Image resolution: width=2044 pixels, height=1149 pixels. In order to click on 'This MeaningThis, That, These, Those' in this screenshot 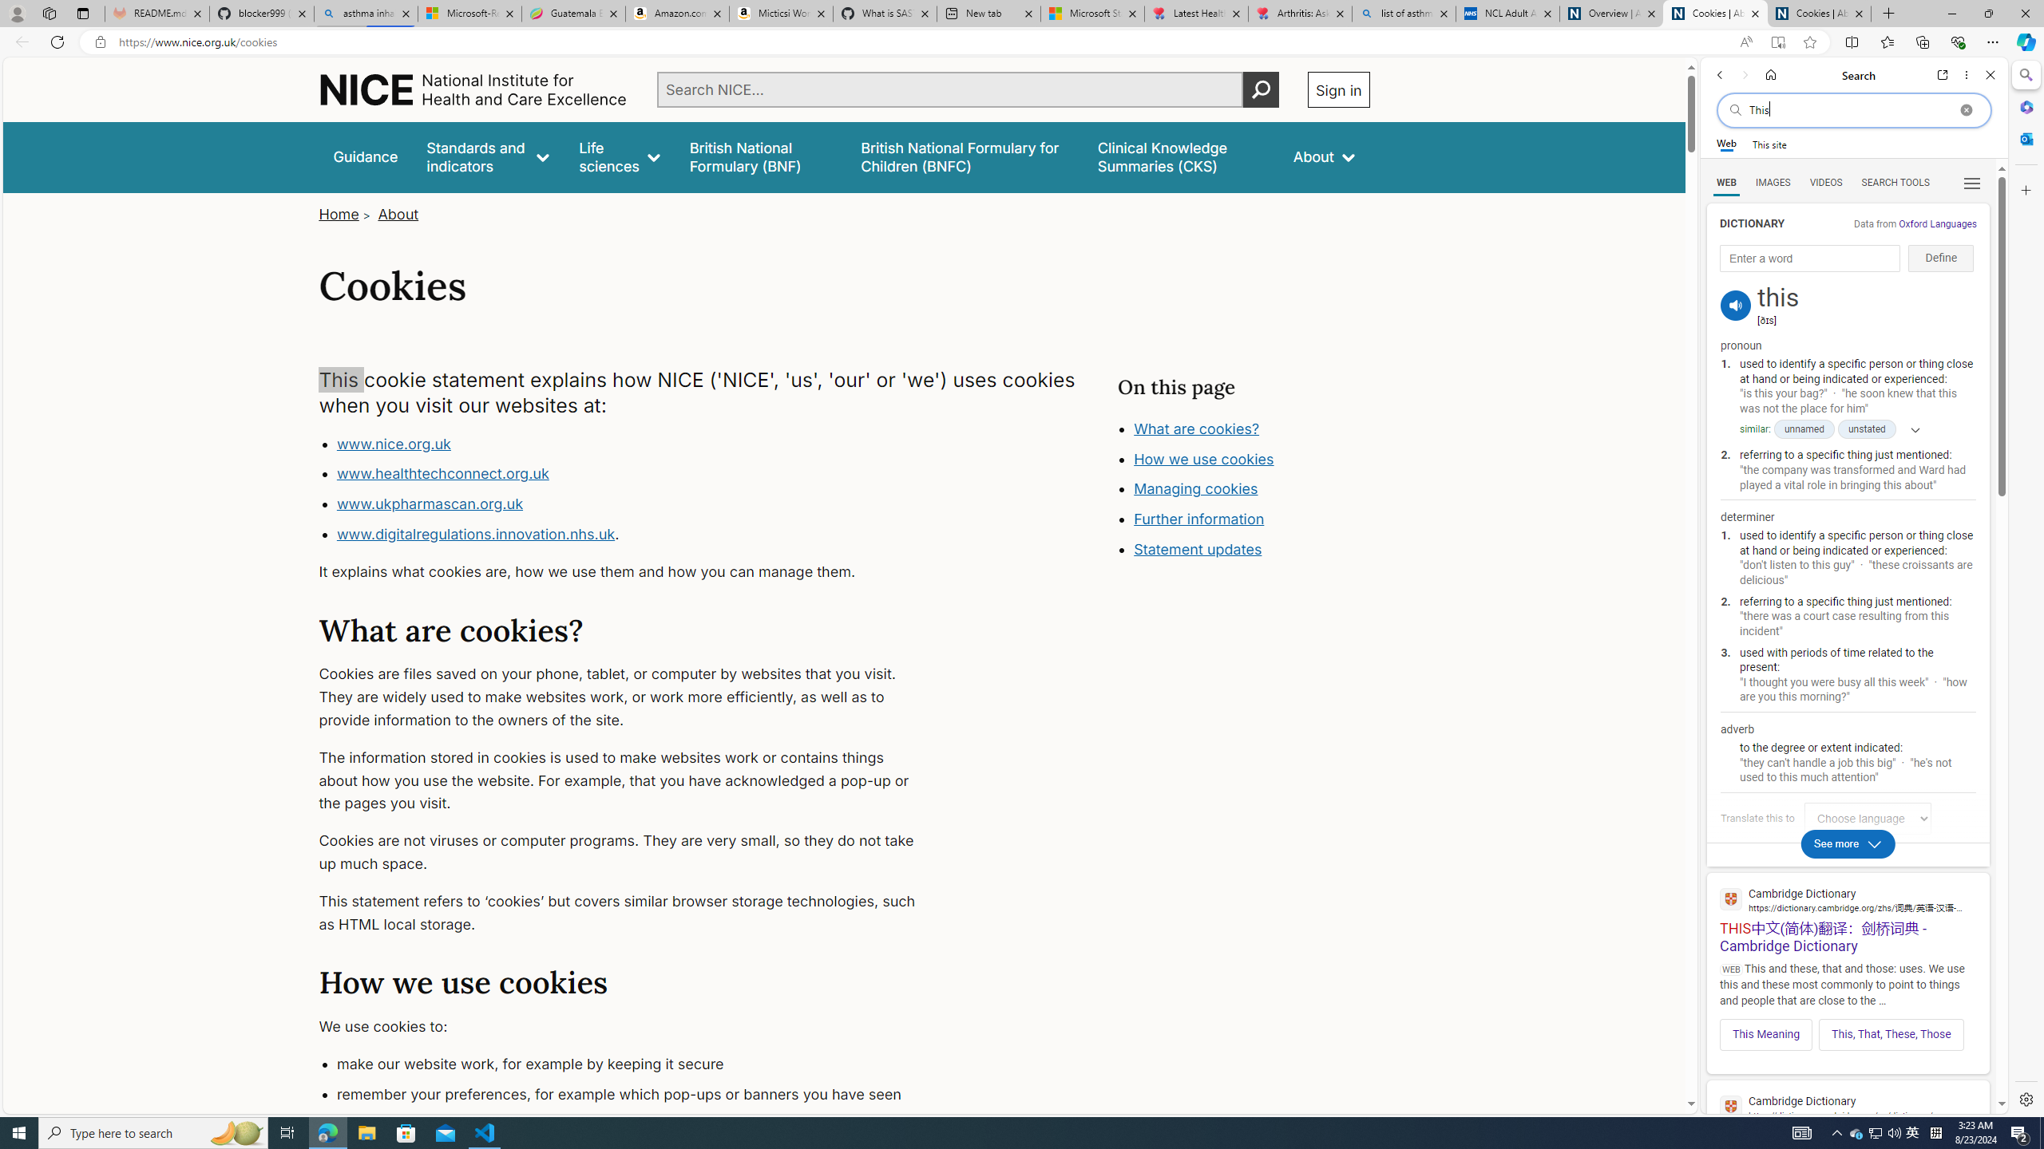, I will do `click(1848, 1029)`.